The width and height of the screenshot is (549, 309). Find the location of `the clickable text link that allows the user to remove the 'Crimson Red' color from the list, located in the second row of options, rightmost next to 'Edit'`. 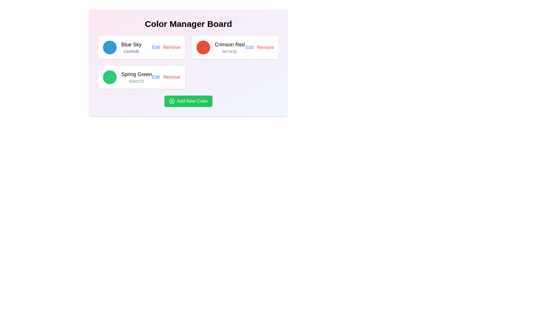

the clickable text link that allows the user to remove the 'Crimson Red' color from the list, located in the second row of options, rightmost next to 'Edit' is located at coordinates (265, 47).